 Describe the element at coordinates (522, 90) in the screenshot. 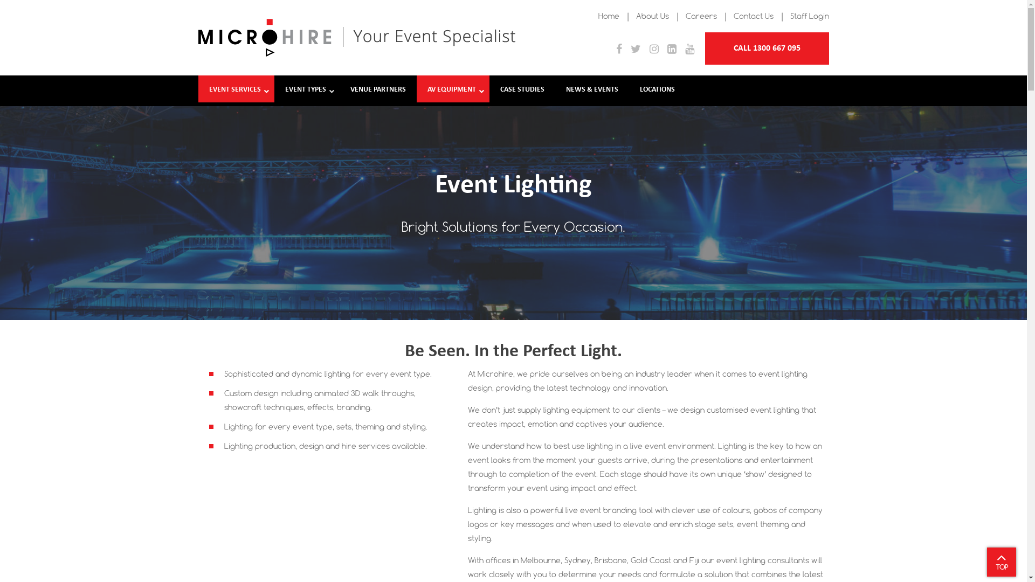

I see `'CASE STUDIES'` at that location.